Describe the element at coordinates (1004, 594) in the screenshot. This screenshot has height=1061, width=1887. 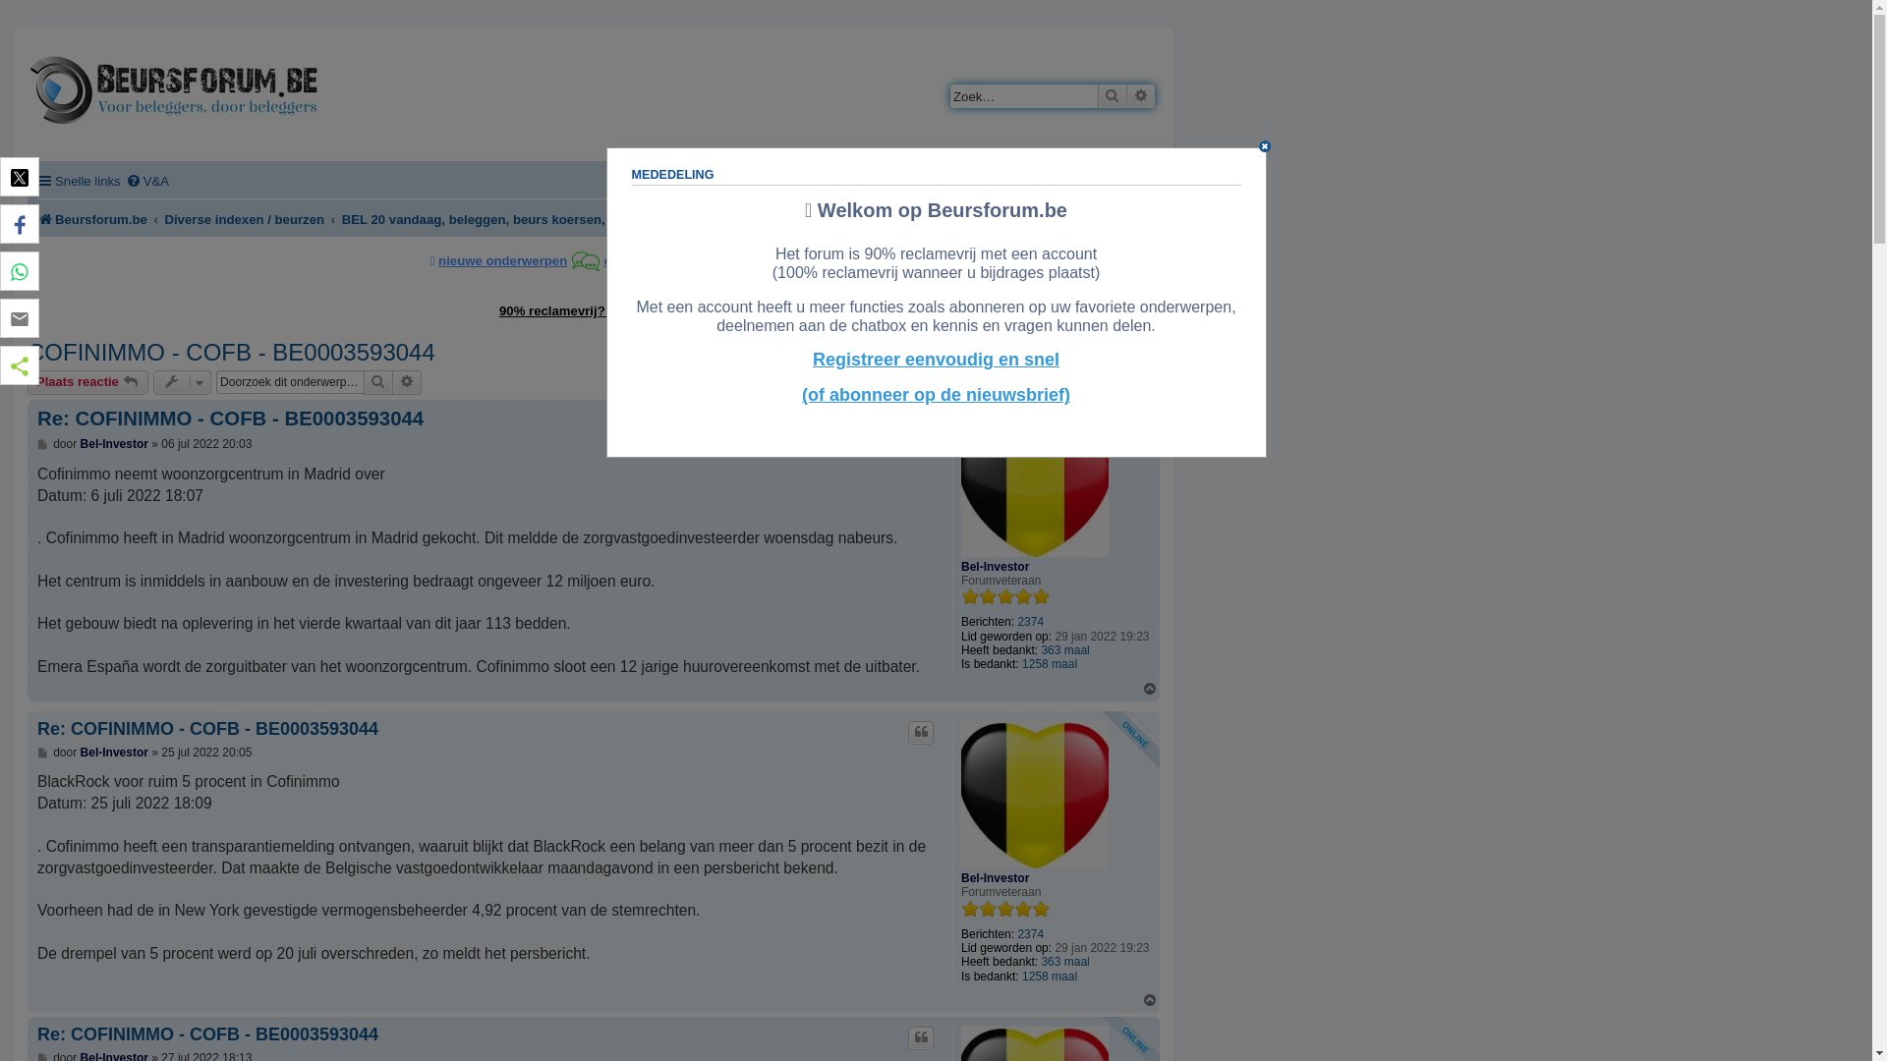
I see `'Forumveteraan'` at that location.